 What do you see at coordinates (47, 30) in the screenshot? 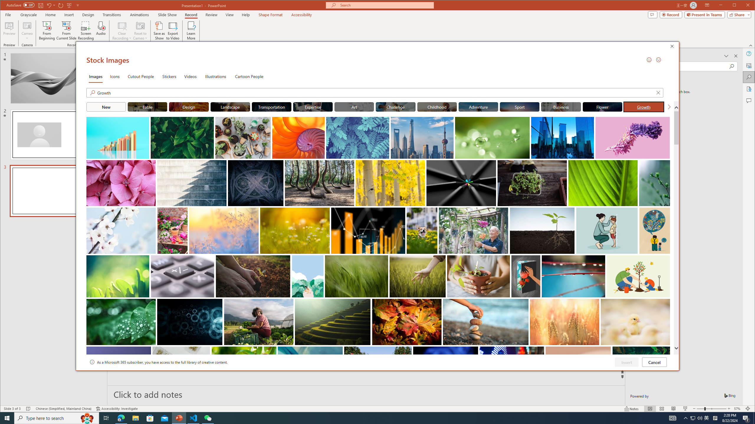
I see `'From Beginning...'` at bounding box center [47, 30].